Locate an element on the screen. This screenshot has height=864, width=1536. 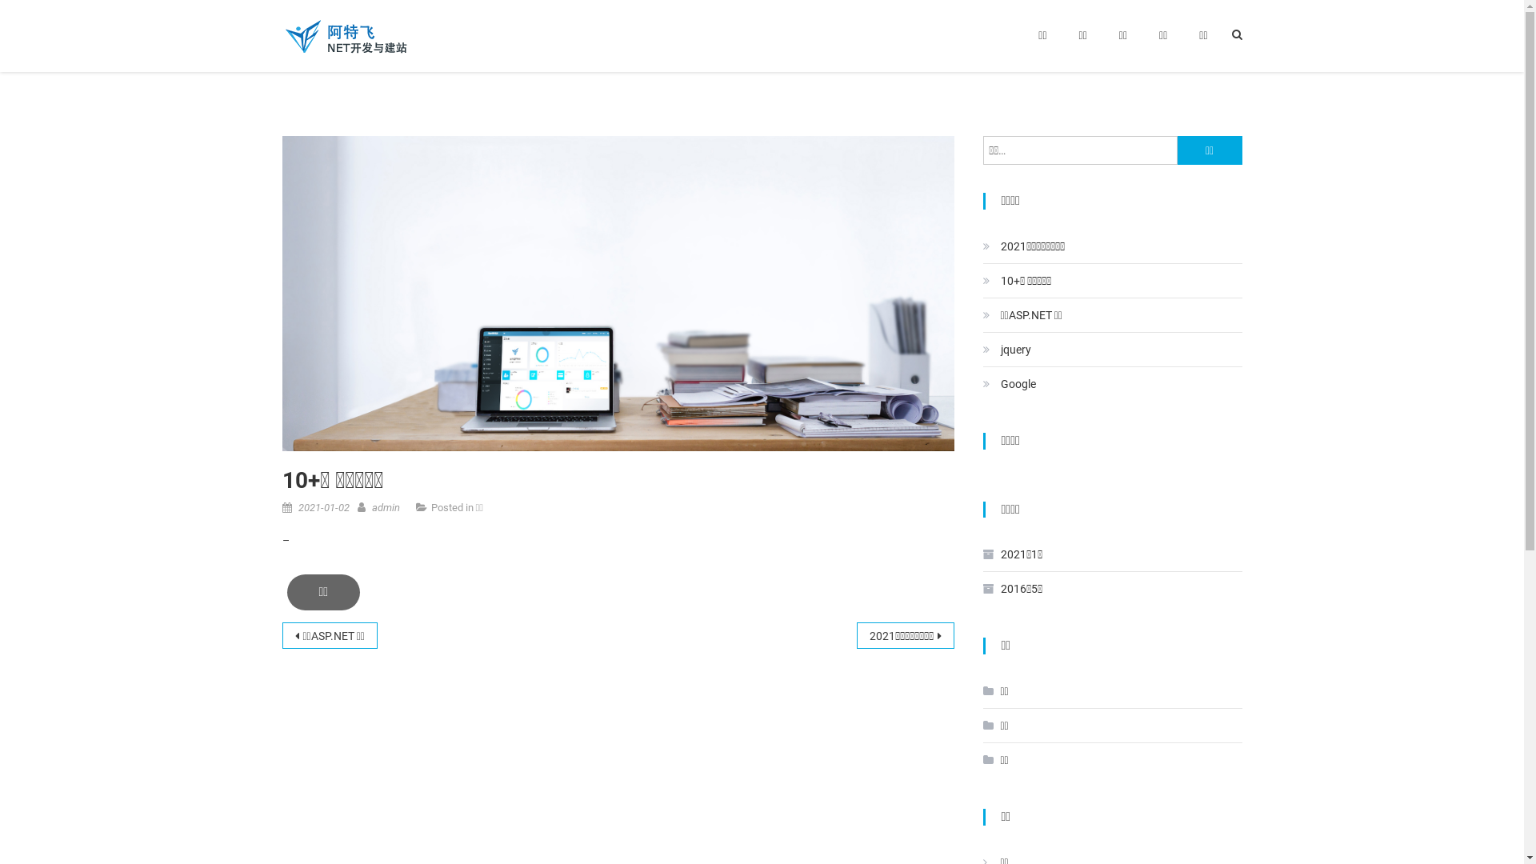
'admin' is located at coordinates (385, 507).